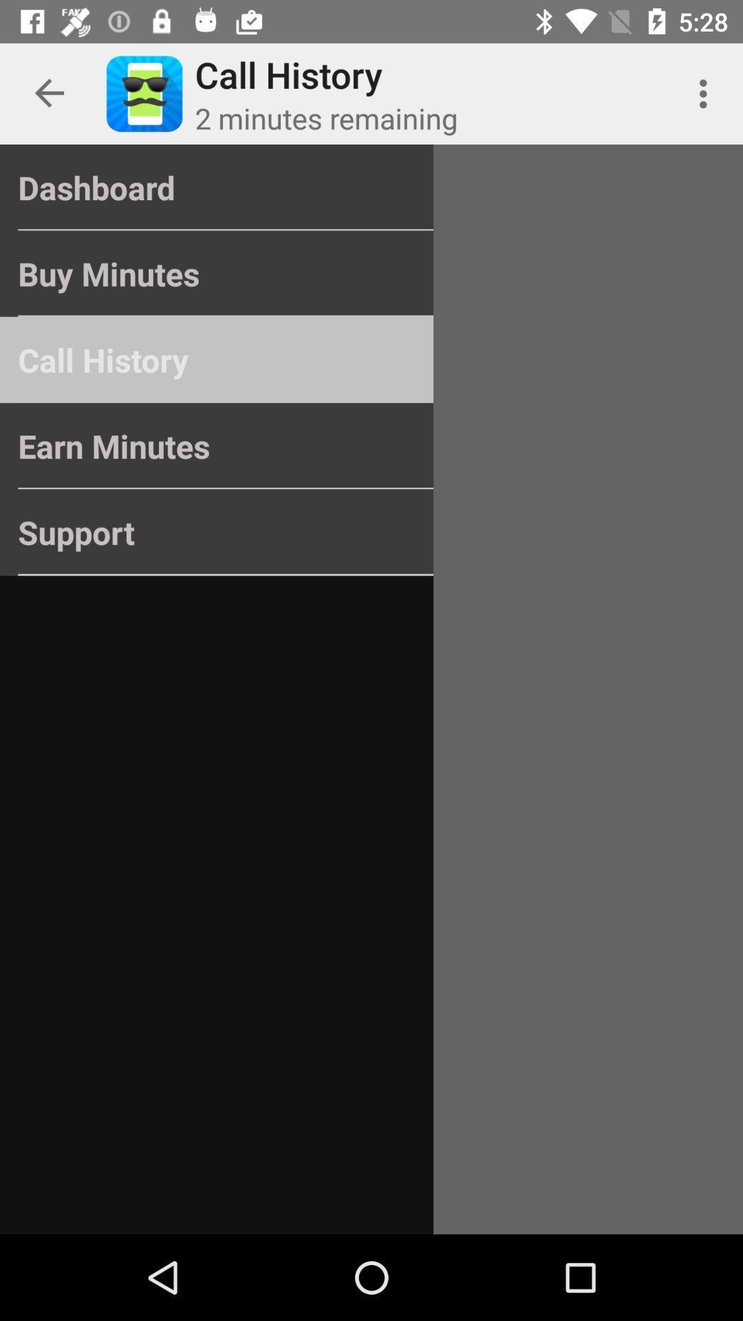 Image resolution: width=743 pixels, height=1321 pixels. I want to click on item below the earn minutes item, so click(217, 531).